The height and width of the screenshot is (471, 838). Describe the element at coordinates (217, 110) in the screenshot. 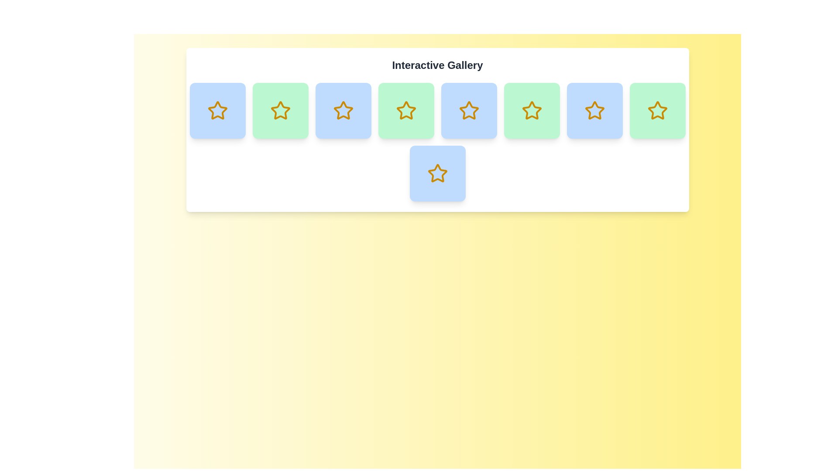

I see `the star icon element located at the top left part of the interactive gallery` at that location.